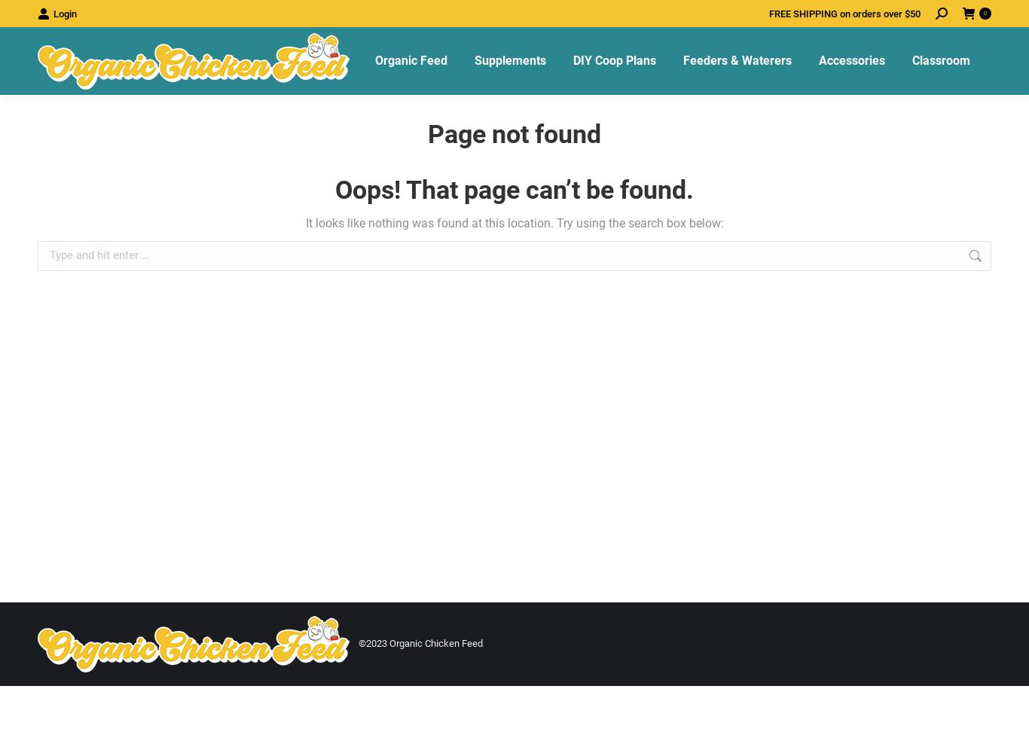 This screenshot has height=753, width=1029. What do you see at coordinates (844, 203) in the screenshot?
I see `'Egg Cartons'` at bounding box center [844, 203].